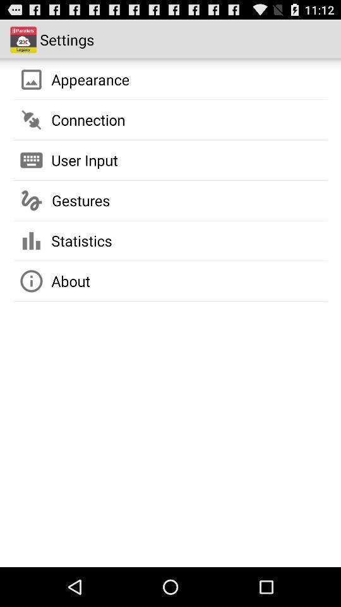  I want to click on about icon, so click(71, 281).